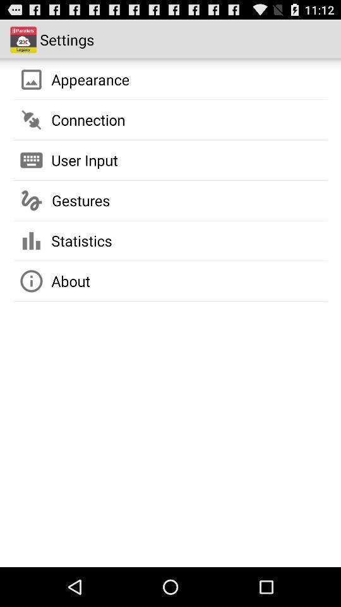  I want to click on about icon, so click(71, 281).